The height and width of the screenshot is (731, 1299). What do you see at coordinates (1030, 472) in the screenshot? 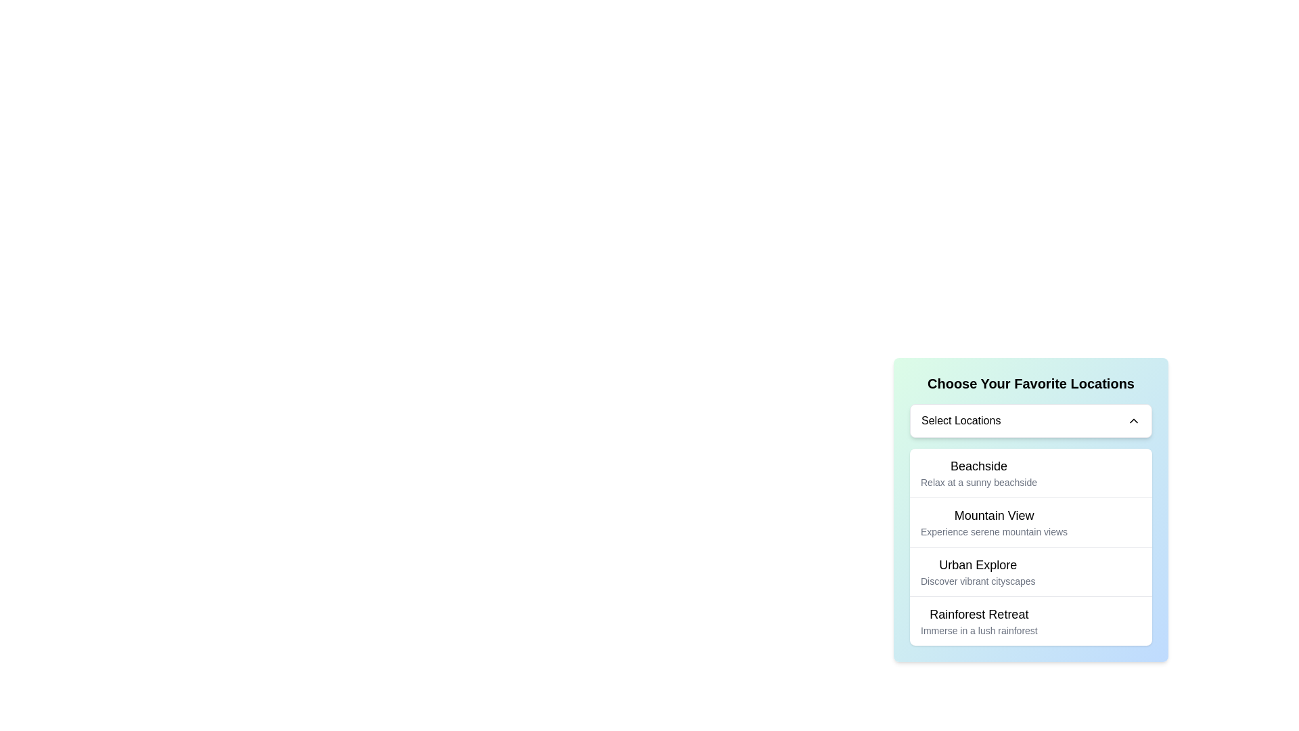
I see `the first list item in the locations list below the 'Select Locations' dropdown menu` at bounding box center [1030, 472].